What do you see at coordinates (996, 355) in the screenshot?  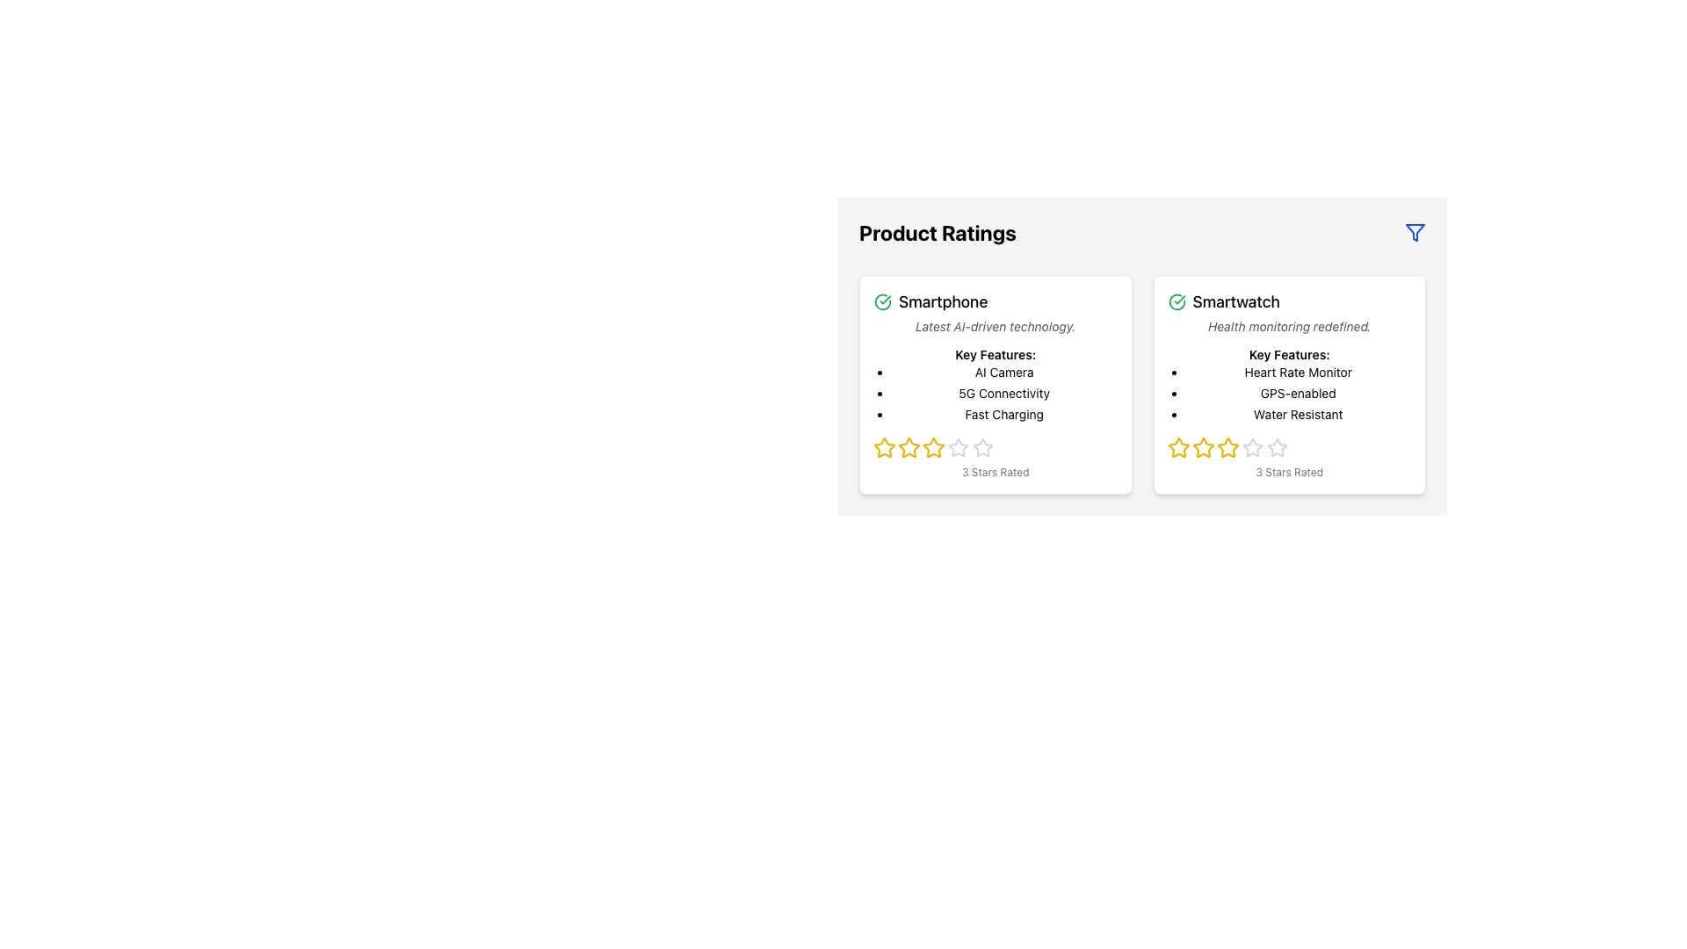 I see `the text label 'Key Features:' which is styled in bold and small font, located under the subtitle 'Latest AI-driven technology' and above the bullet points in the 'Product Ratings' section` at bounding box center [996, 355].